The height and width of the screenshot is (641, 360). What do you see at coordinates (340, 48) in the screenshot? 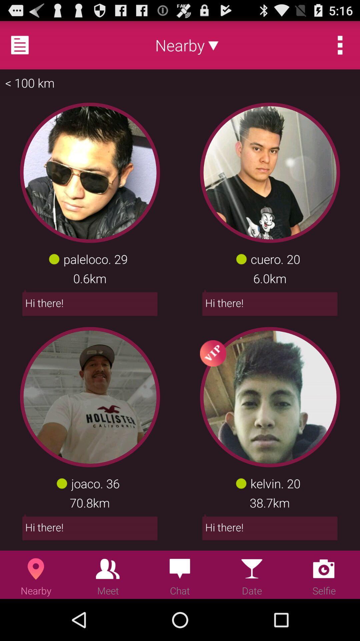
I see `the more icon` at bounding box center [340, 48].